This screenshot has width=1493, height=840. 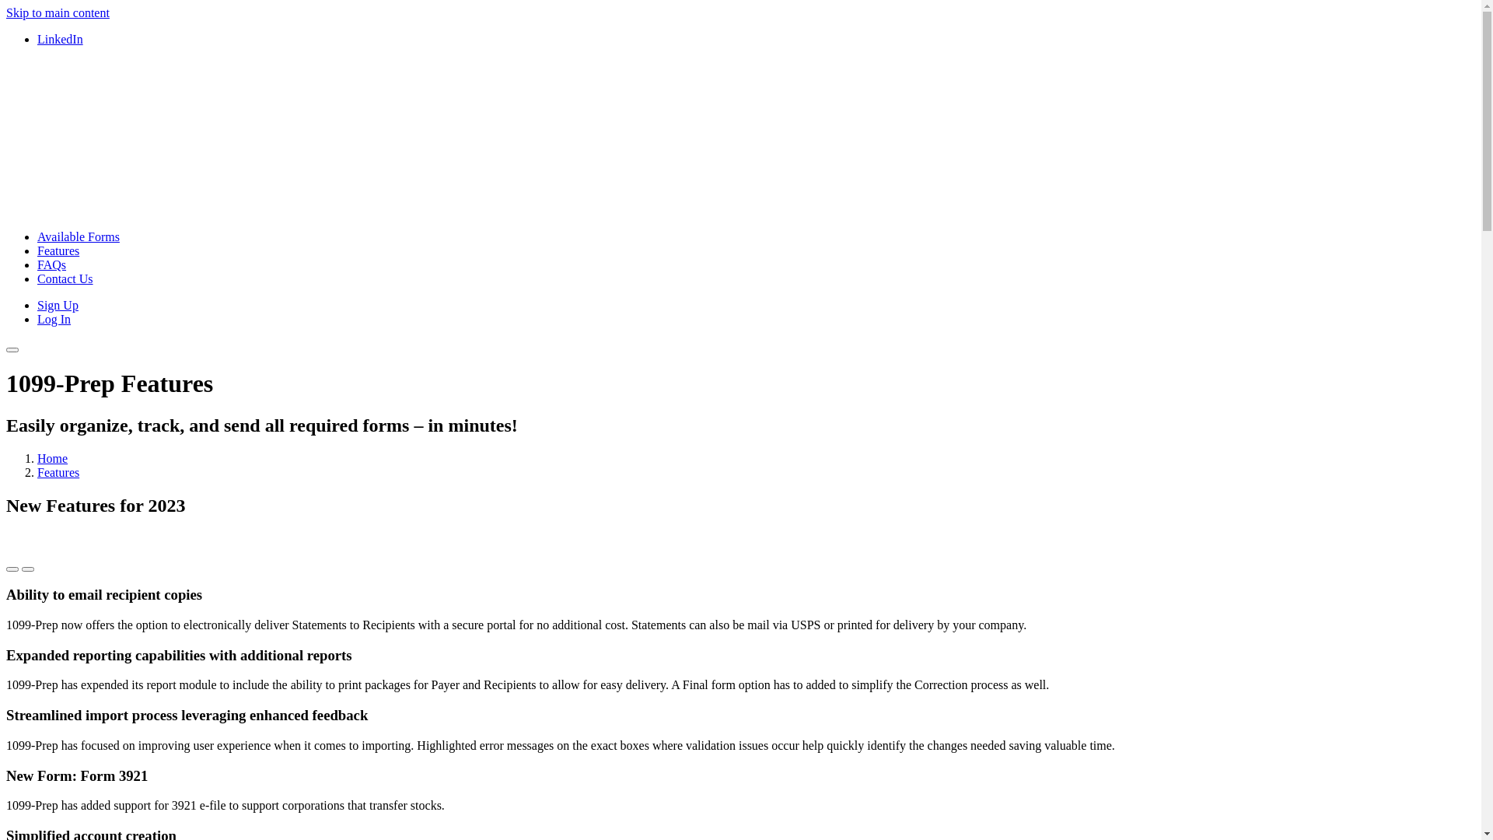 What do you see at coordinates (58, 305) in the screenshot?
I see `'Sign Up'` at bounding box center [58, 305].